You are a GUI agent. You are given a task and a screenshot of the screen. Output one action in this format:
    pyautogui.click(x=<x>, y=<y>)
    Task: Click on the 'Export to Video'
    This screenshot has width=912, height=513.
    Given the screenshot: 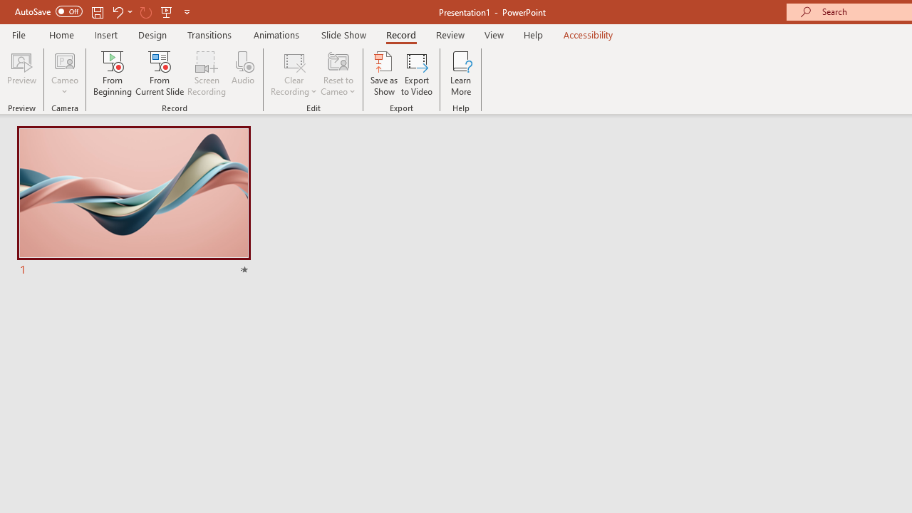 What is the action you would take?
    pyautogui.click(x=416, y=73)
    